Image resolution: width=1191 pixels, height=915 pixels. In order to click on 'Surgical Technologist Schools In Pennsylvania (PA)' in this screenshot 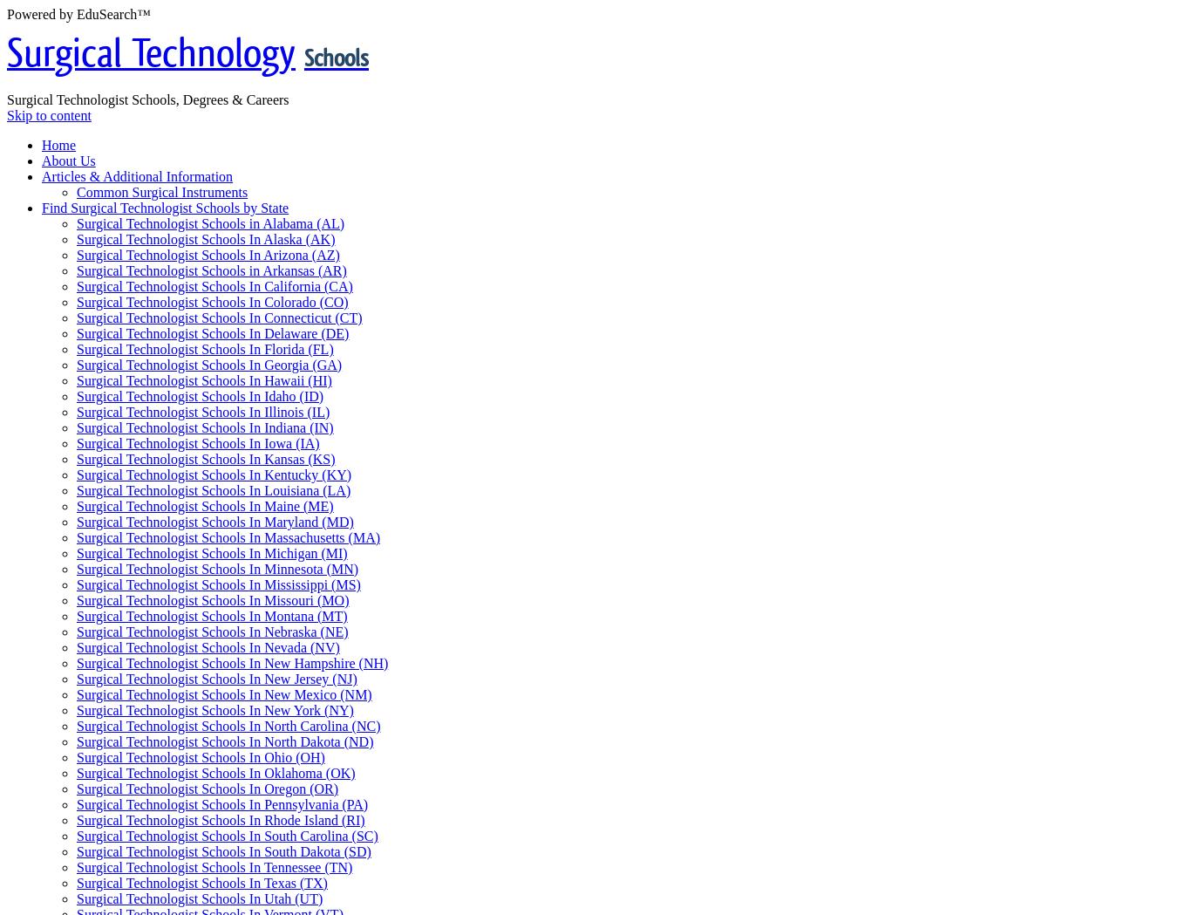, I will do `click(222, 802)`.